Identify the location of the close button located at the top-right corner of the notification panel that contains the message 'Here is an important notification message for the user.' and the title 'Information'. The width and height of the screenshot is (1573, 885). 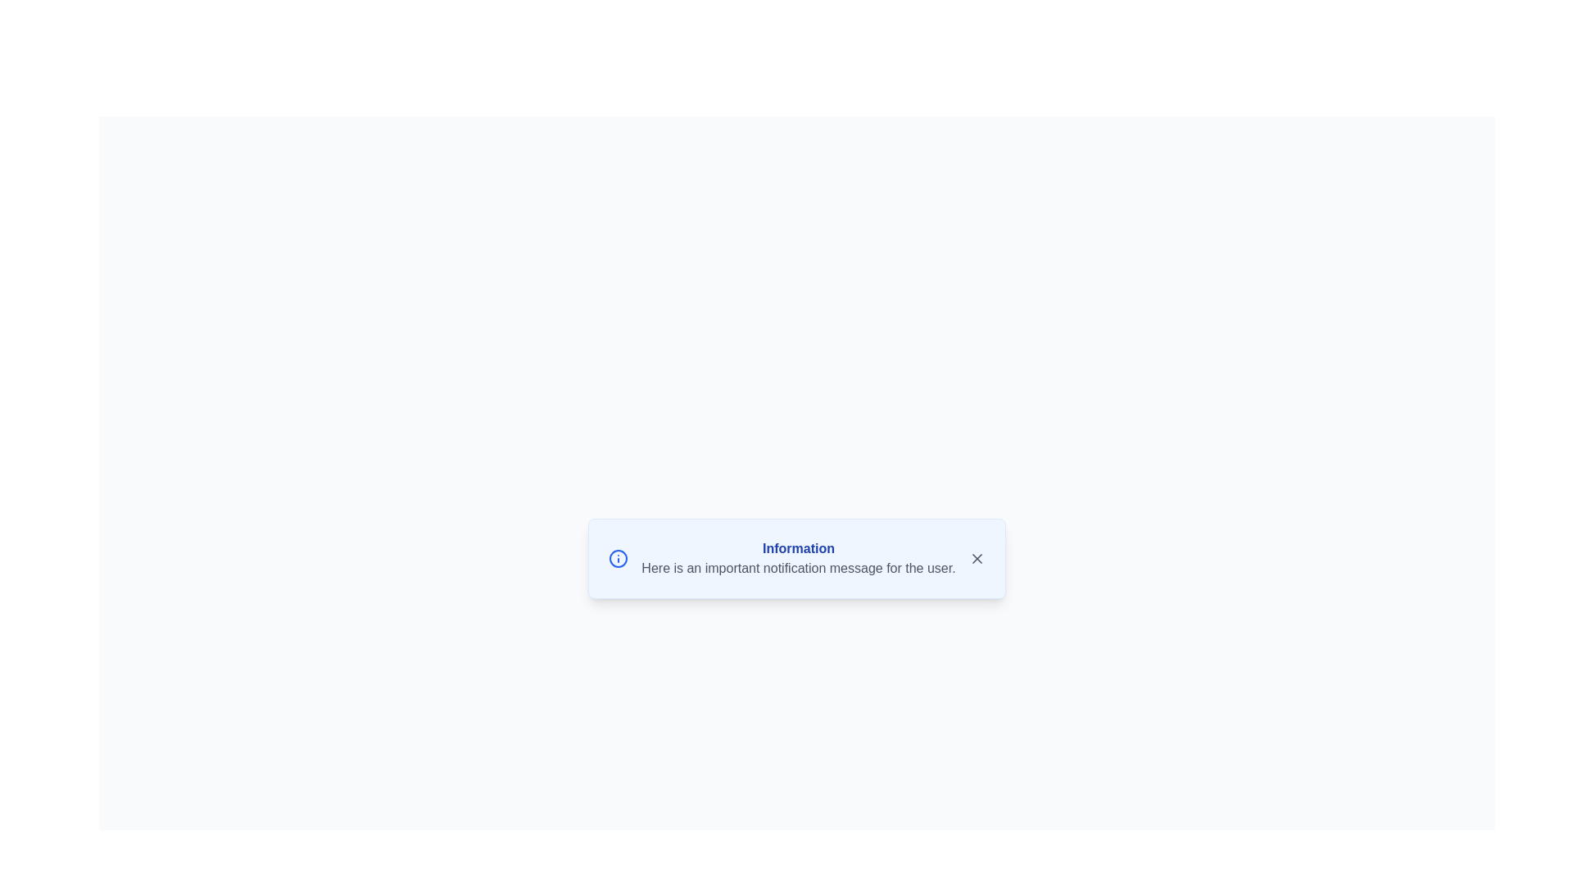
(977, 558).